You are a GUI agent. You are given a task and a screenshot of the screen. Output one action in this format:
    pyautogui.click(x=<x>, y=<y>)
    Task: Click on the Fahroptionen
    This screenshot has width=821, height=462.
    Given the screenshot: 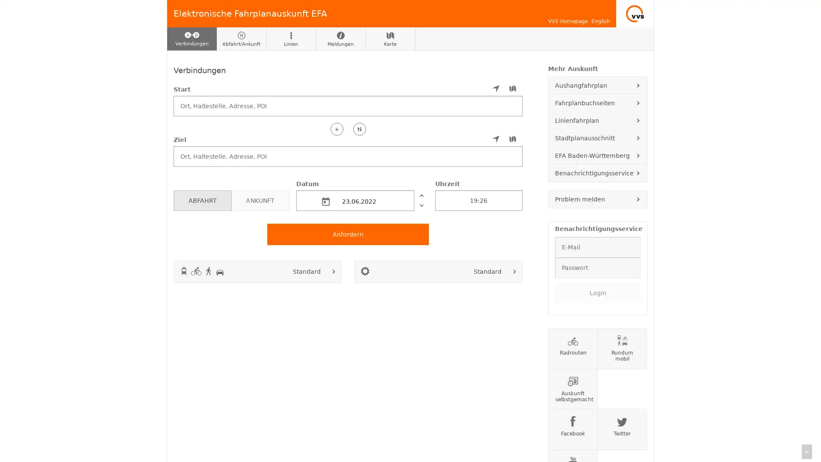 What is the action you would take?
    pyautogui.click(x=514, y=271)
    